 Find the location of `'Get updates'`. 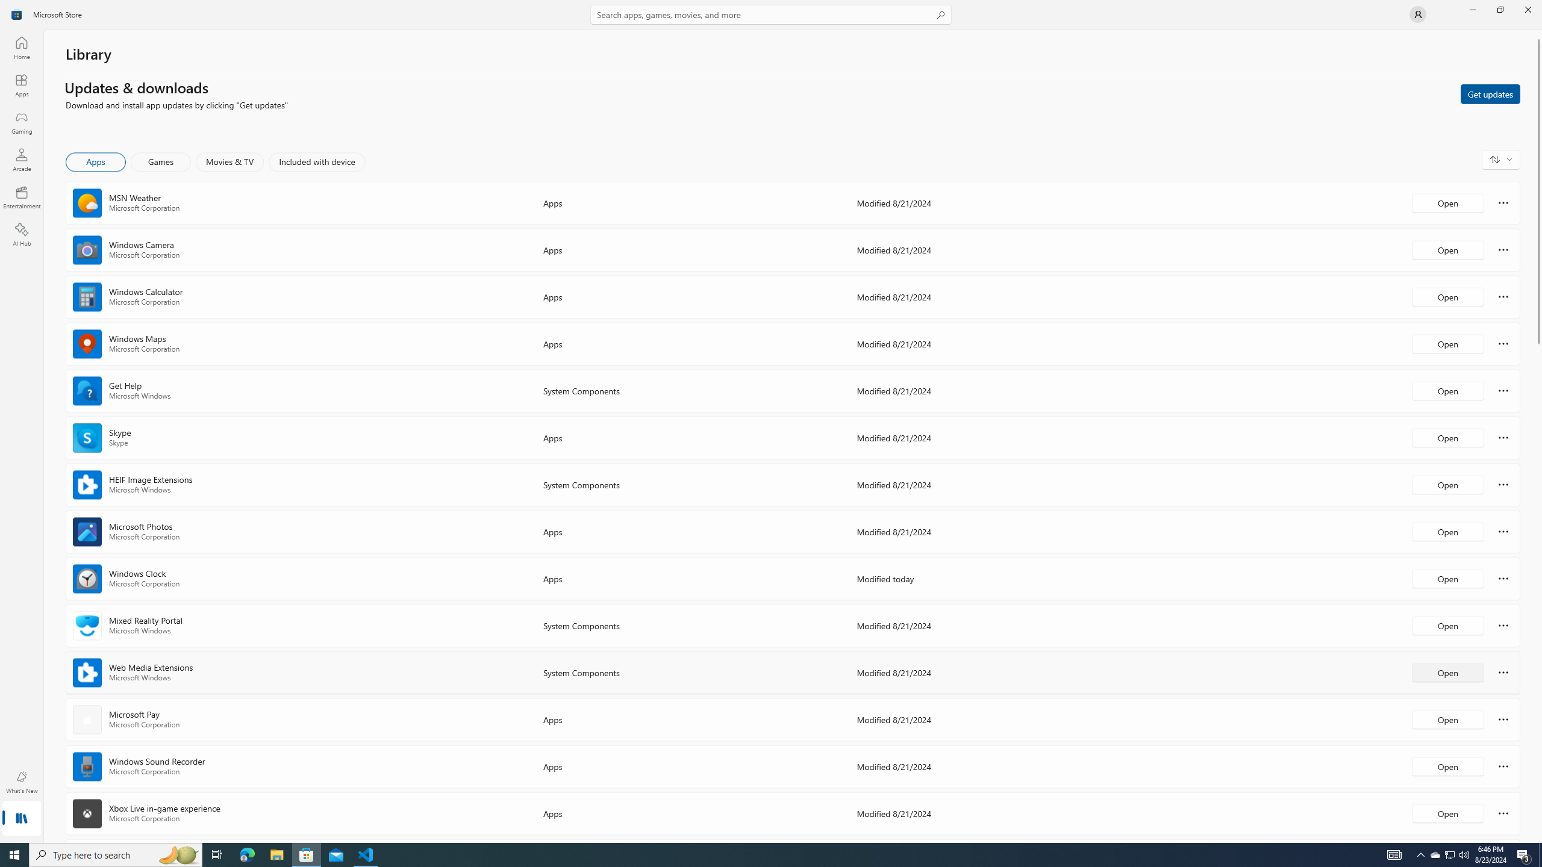

'Get updates' is located at coordinates (1490, 93).